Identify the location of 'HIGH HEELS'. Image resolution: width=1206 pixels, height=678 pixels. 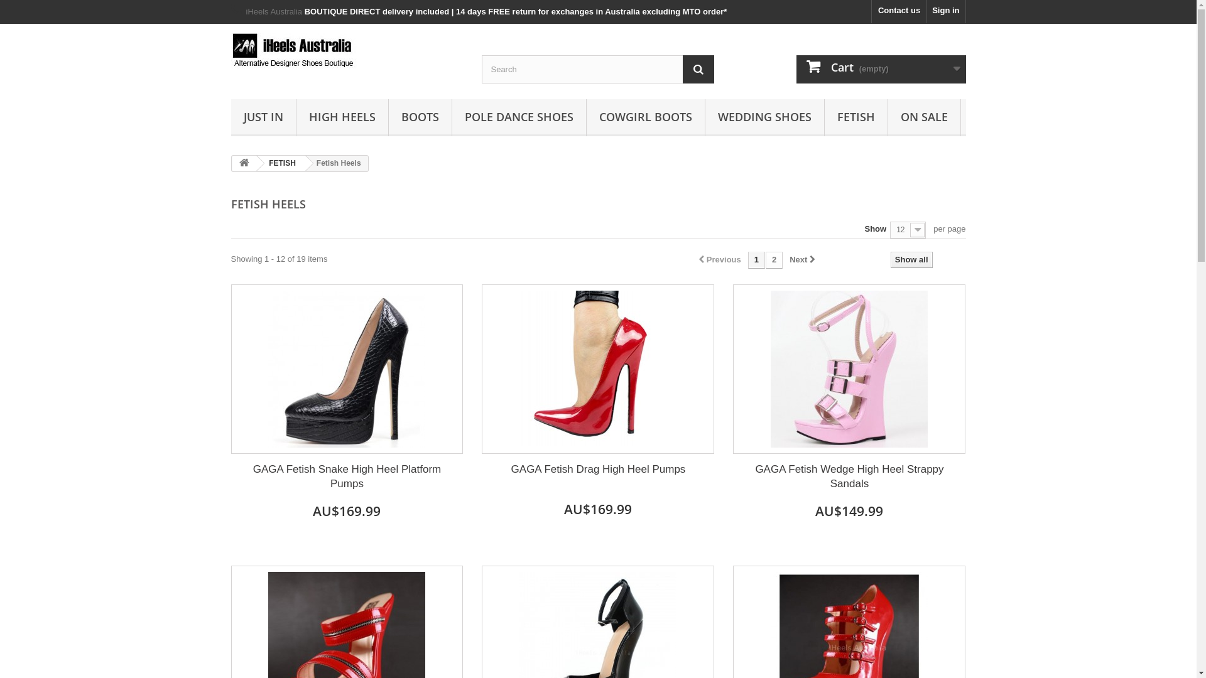
(342, 117).